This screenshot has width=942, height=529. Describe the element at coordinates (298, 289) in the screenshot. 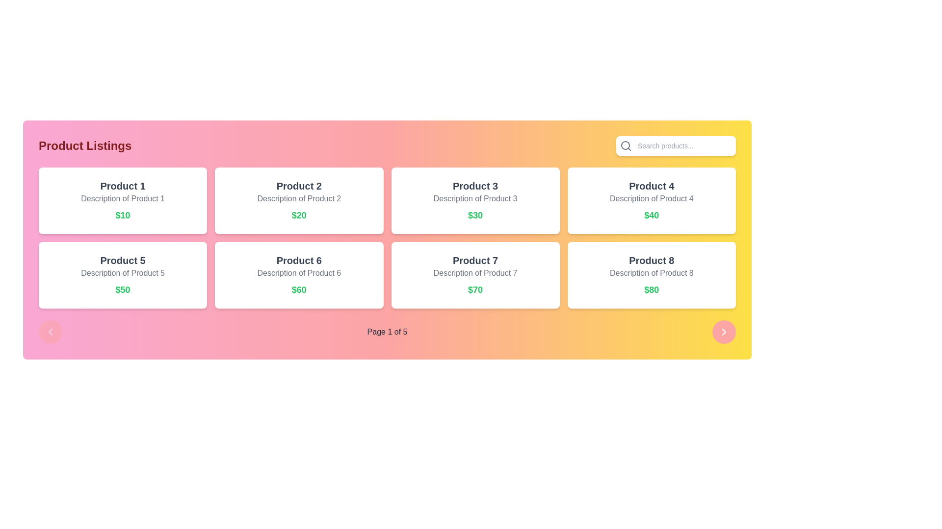

I see `the value displayed in the bold green text label showing '$60', located below the description text of 'Product 6'` at that location.